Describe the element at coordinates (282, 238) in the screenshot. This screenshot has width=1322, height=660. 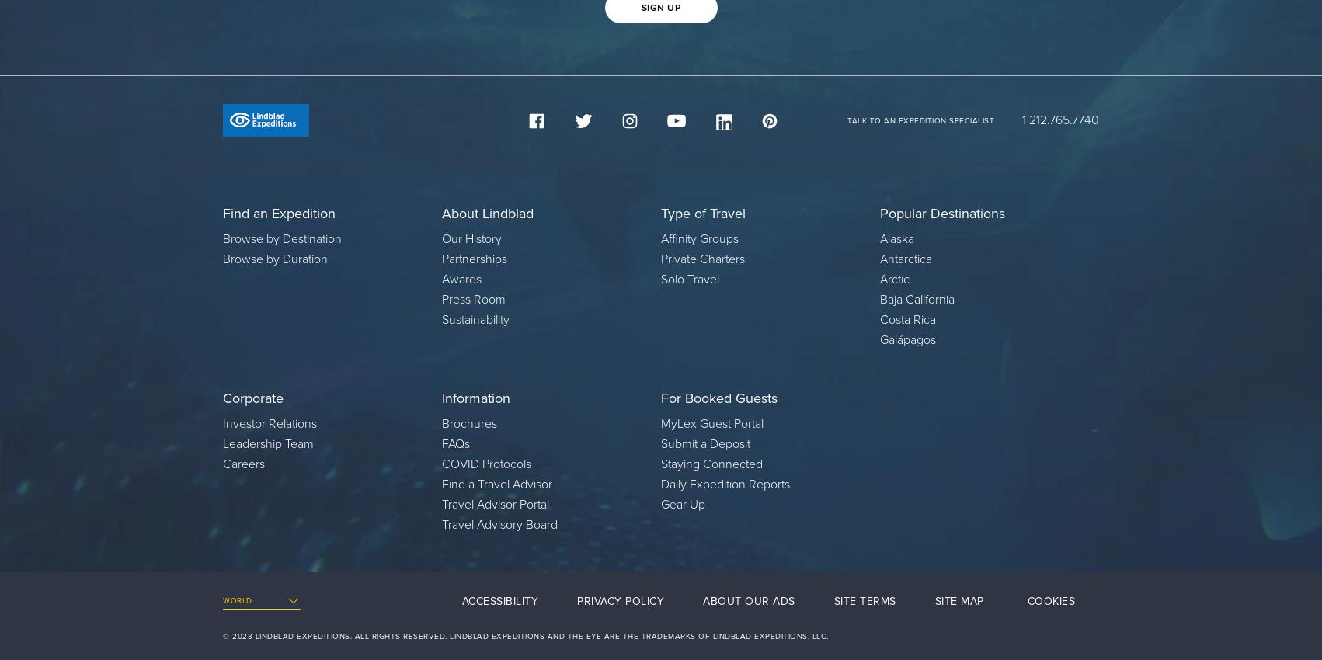
I see `'Browse by Destination'` at that location.